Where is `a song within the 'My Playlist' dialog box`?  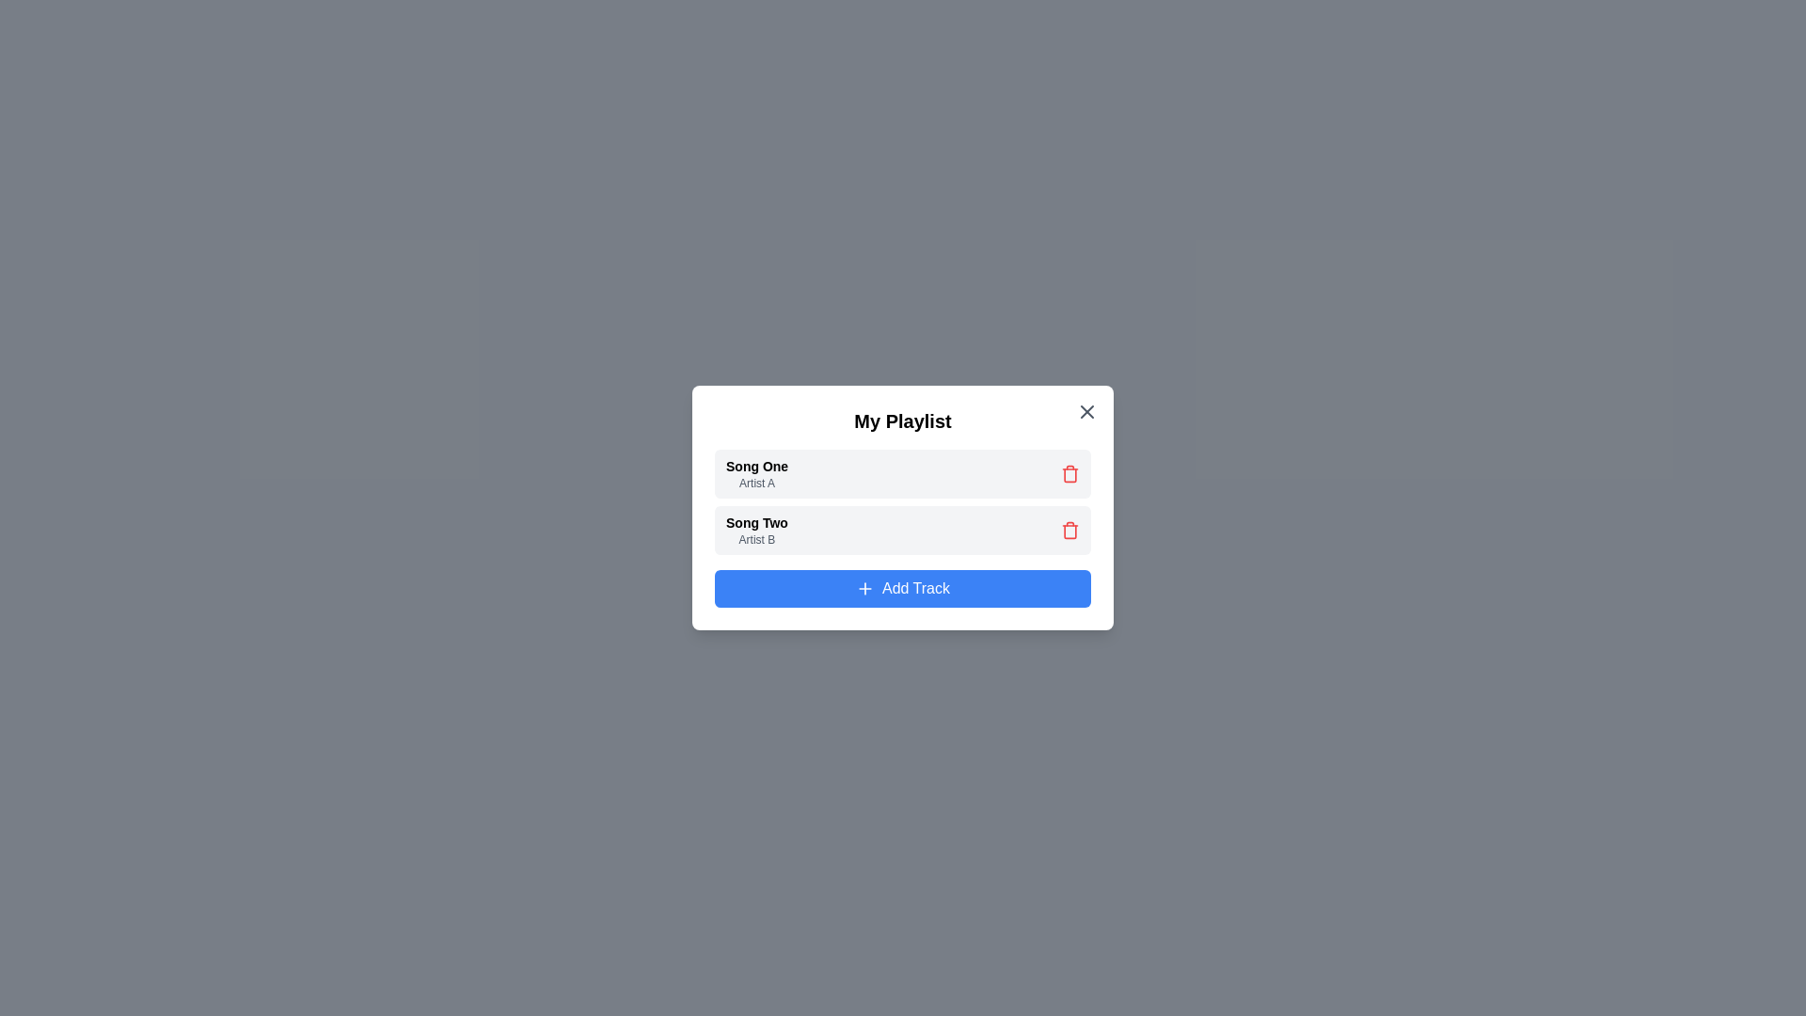
a song within the 'My Playlist' dialog box is located at coordinates (903, 508).